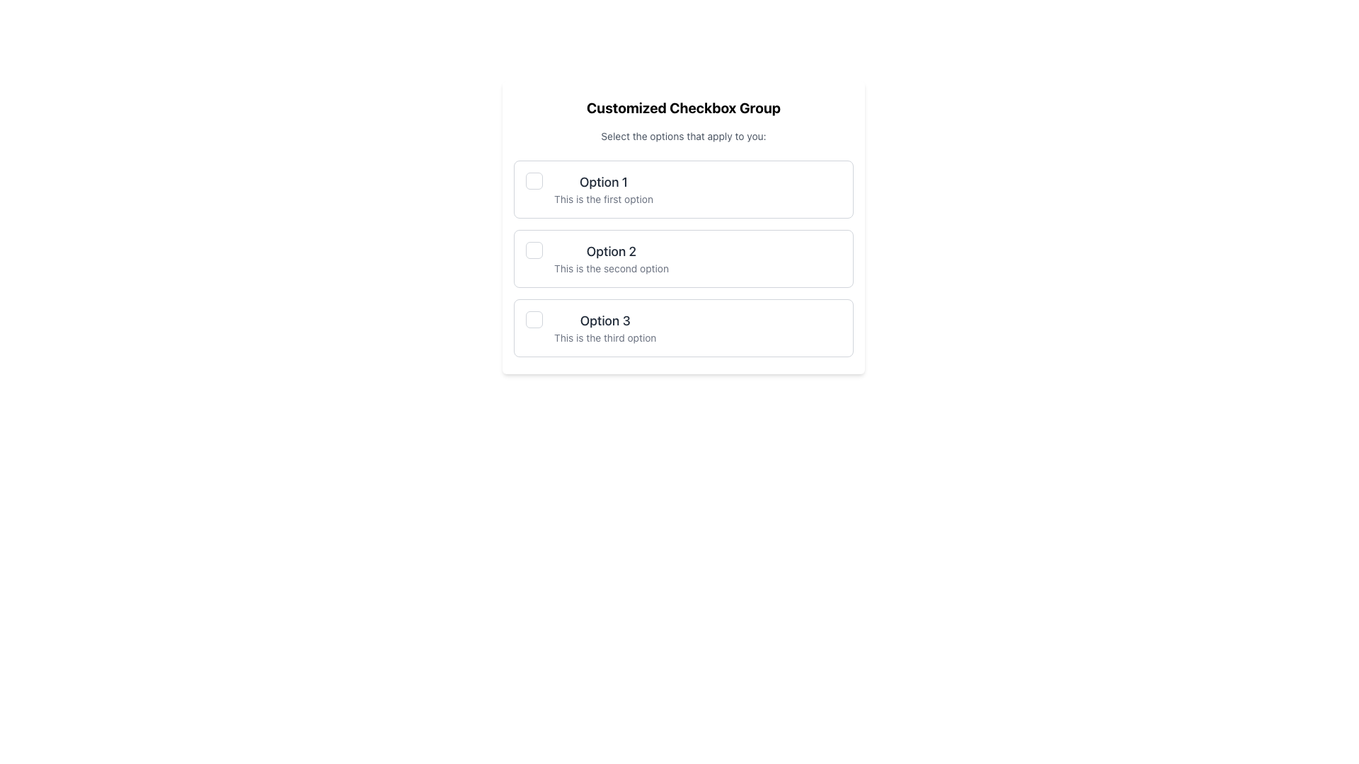 The image size is (1359, 764). What do you see at coordinates (604, 188) in the screenshot?
I see `text content of the Text block displaying 'Option 1' in bold and the description 'This is the first option' below it, located within the first item of a vertically-aligned list` at bounding box center [604, 188].